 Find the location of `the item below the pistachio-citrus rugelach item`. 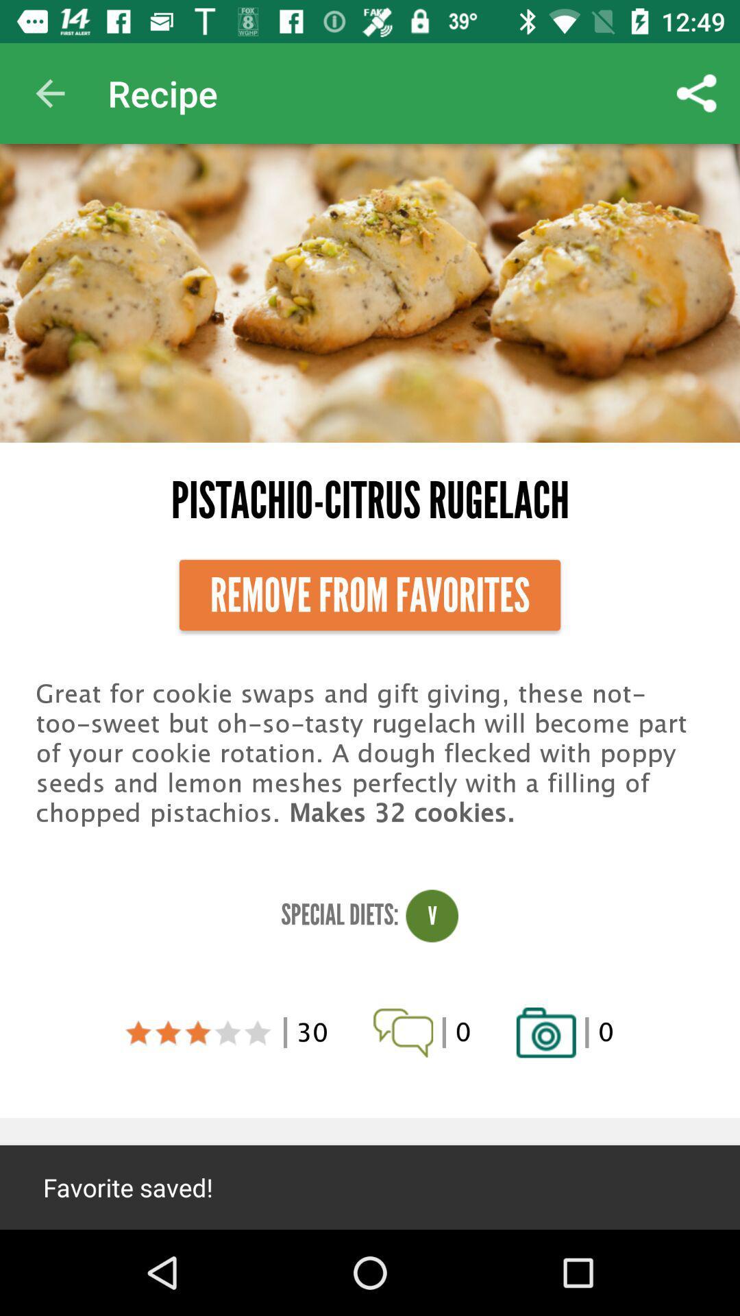

the item below the pistachio-citrus rugelach item is located at coordinates (370, 595).